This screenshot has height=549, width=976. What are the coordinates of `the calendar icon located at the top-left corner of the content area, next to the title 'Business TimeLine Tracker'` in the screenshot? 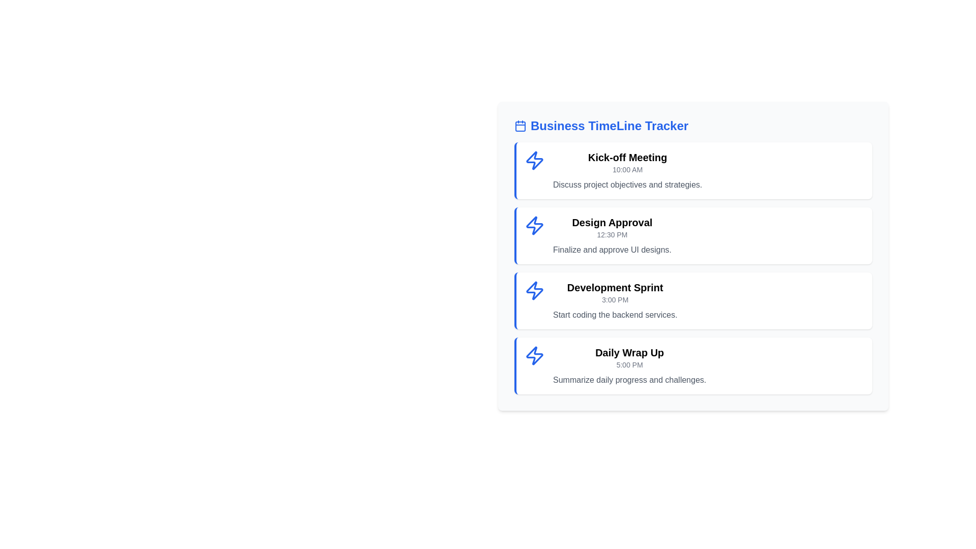 It's located at (520, 125).